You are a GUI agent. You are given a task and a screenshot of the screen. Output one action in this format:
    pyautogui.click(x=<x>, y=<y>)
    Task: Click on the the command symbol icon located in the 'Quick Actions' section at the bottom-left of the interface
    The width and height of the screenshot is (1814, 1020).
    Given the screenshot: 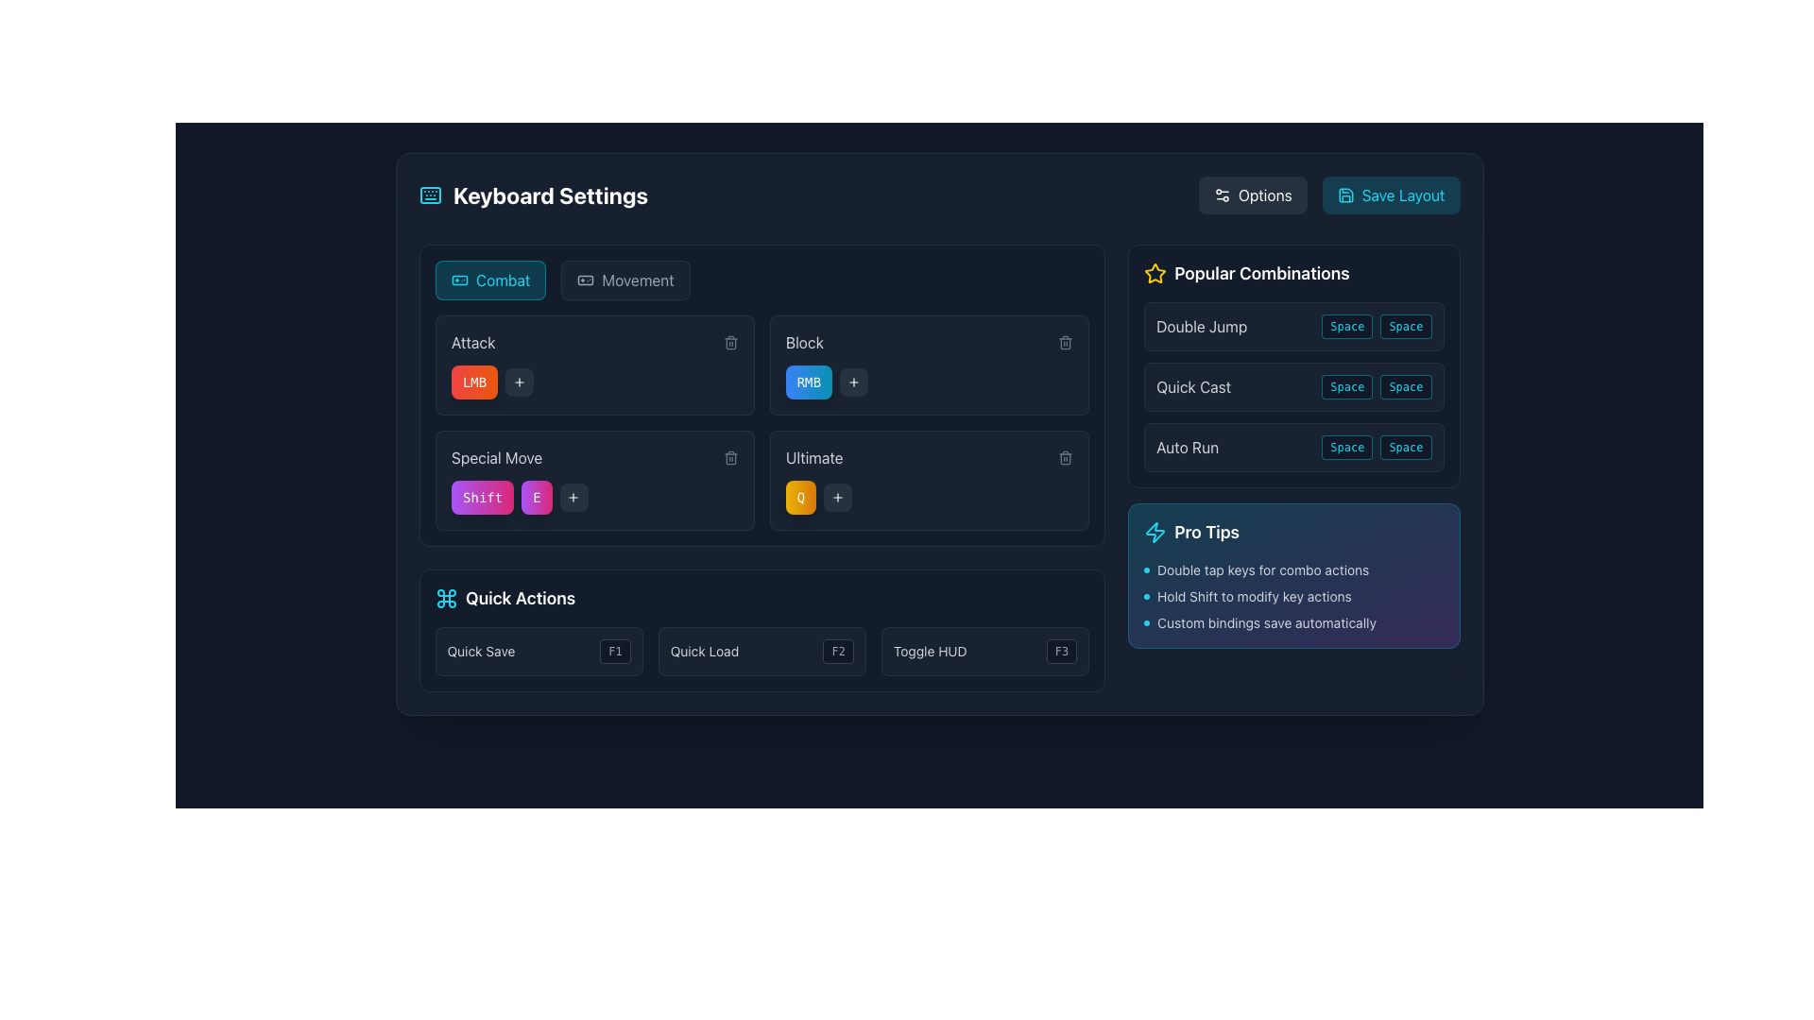 What is the action you would take?
    pyautogui.click(x=445, y=598)
    